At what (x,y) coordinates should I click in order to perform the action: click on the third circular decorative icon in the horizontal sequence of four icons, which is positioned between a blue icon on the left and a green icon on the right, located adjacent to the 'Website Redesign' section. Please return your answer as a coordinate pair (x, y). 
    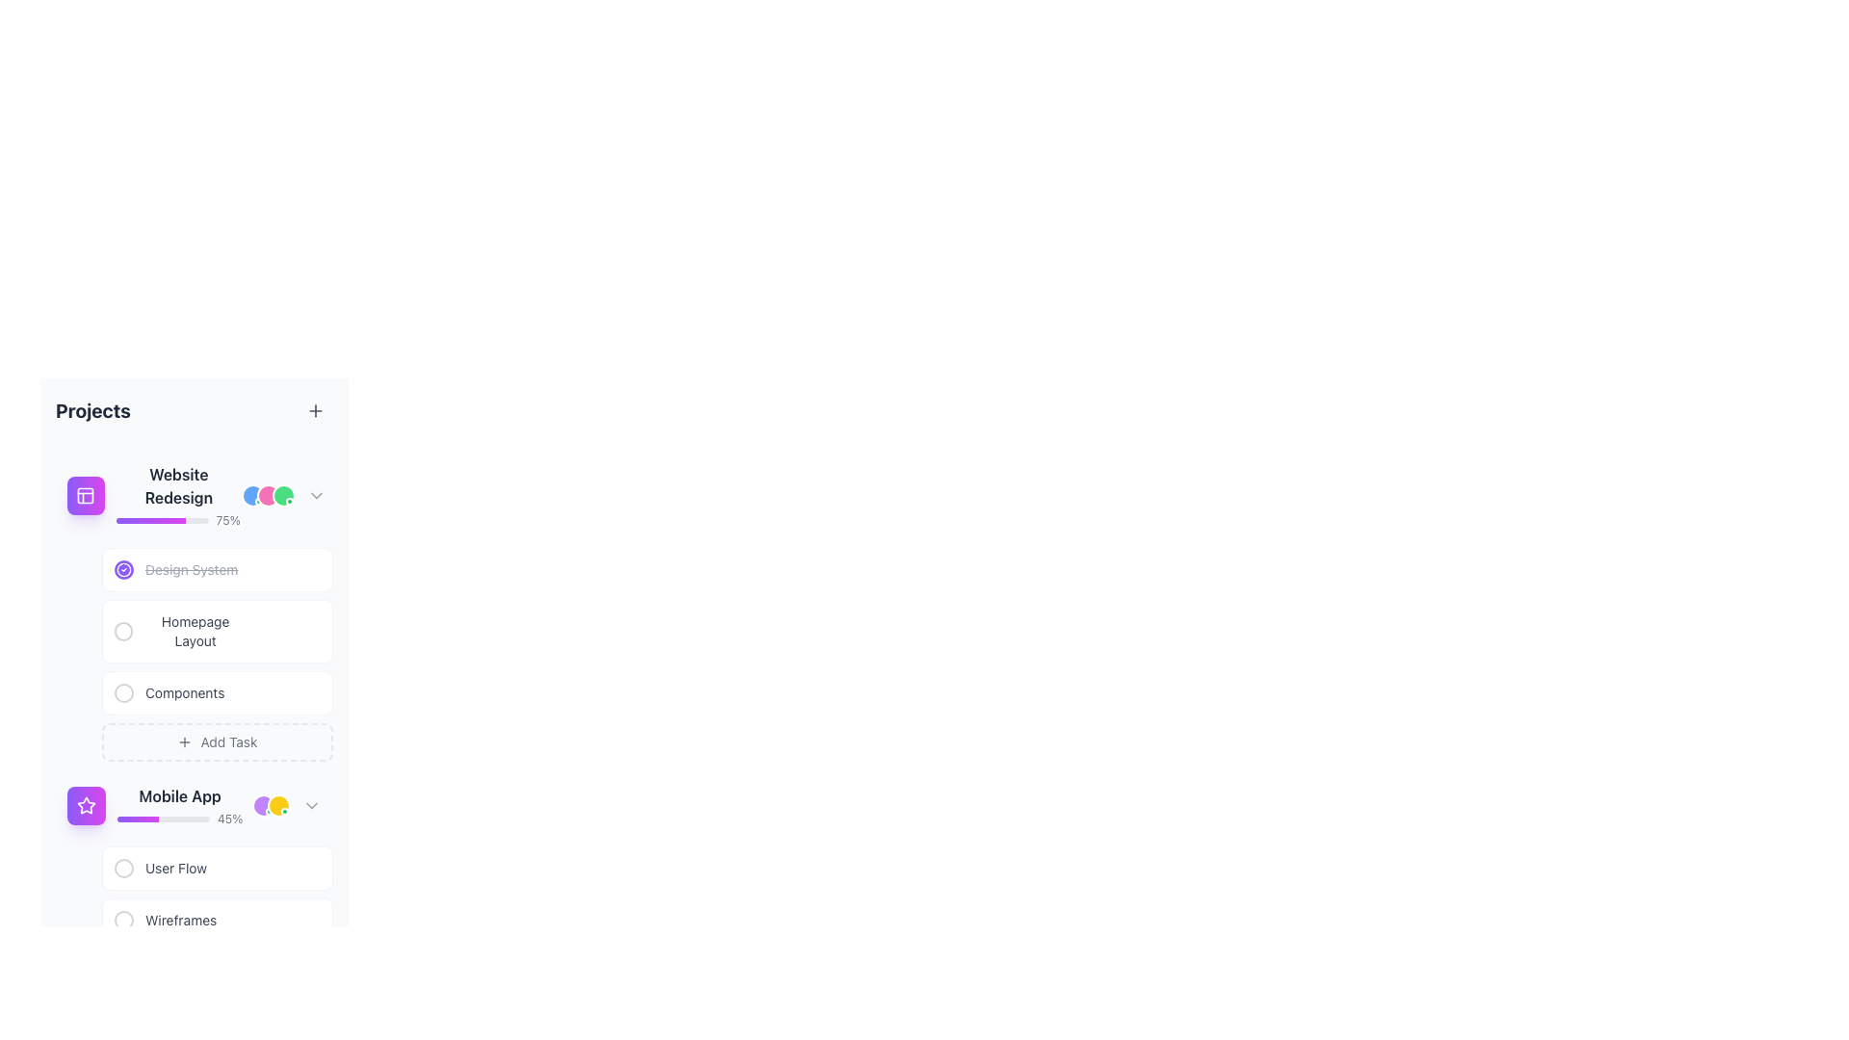
    Looking at the image, I should click on (268, 495).